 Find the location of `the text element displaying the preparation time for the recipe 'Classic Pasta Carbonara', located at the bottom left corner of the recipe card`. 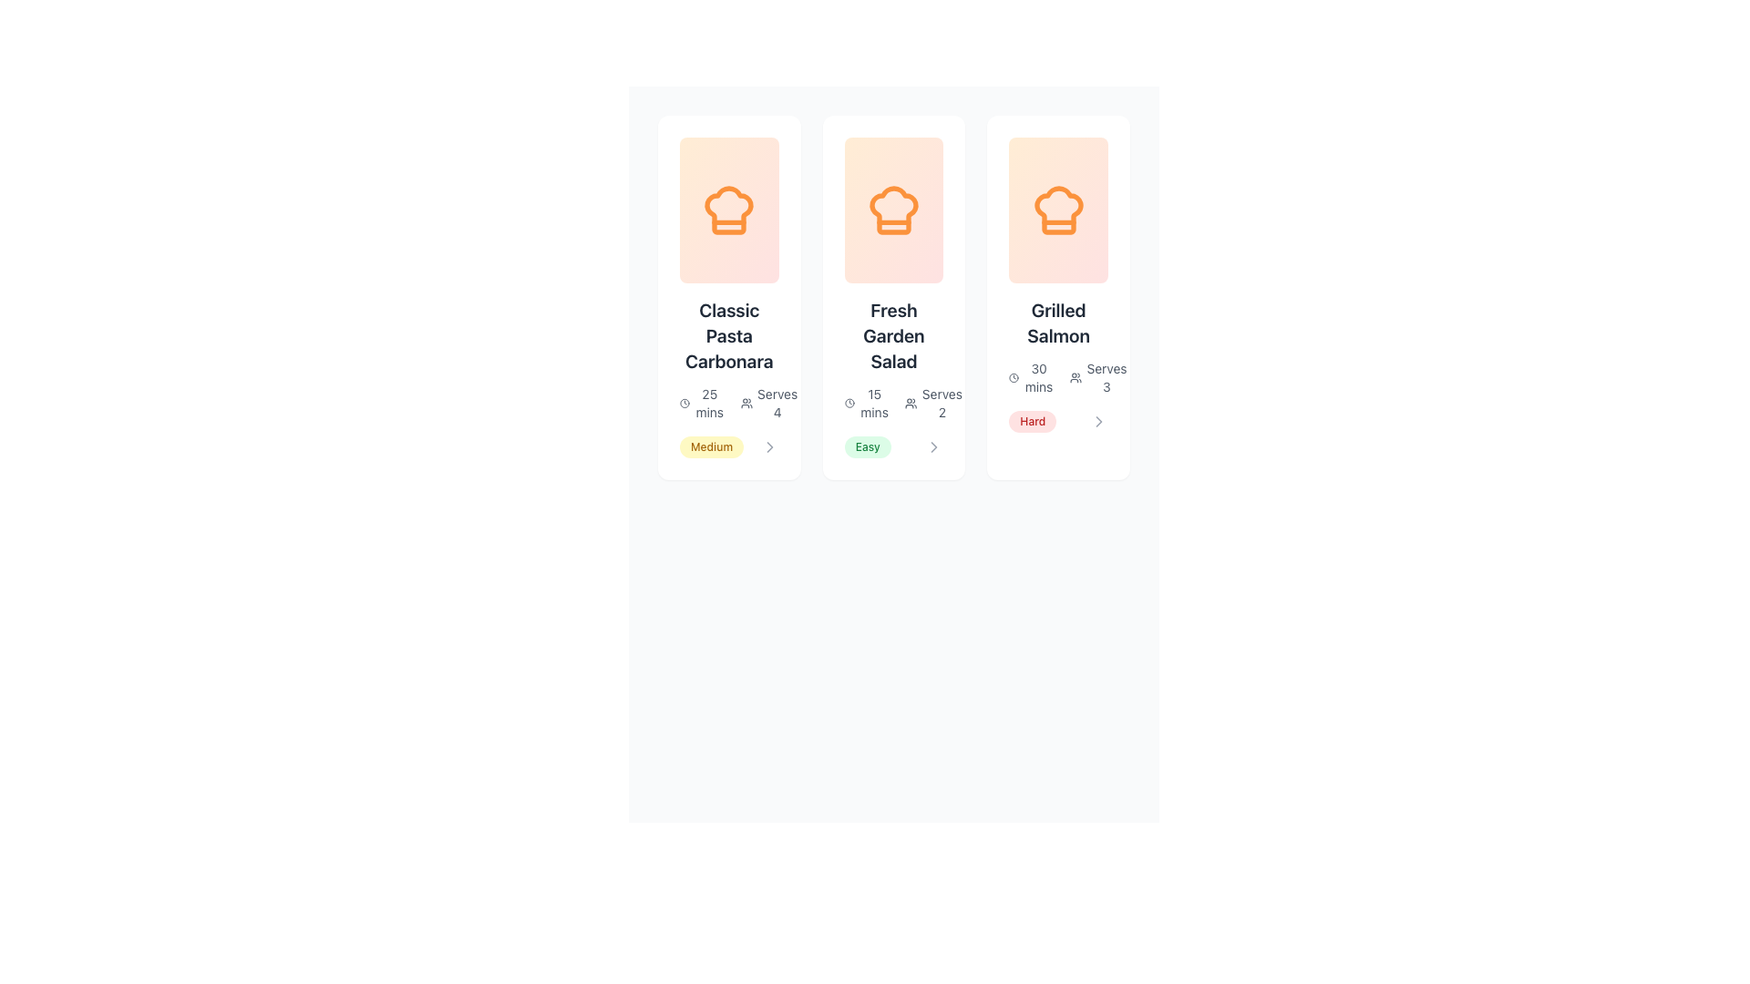

the text element displaying the preparation time for the recipe 'Classic Pasta Carbonara', located at the bottom left corner of the recipe card is located at coordinates (702, 403).